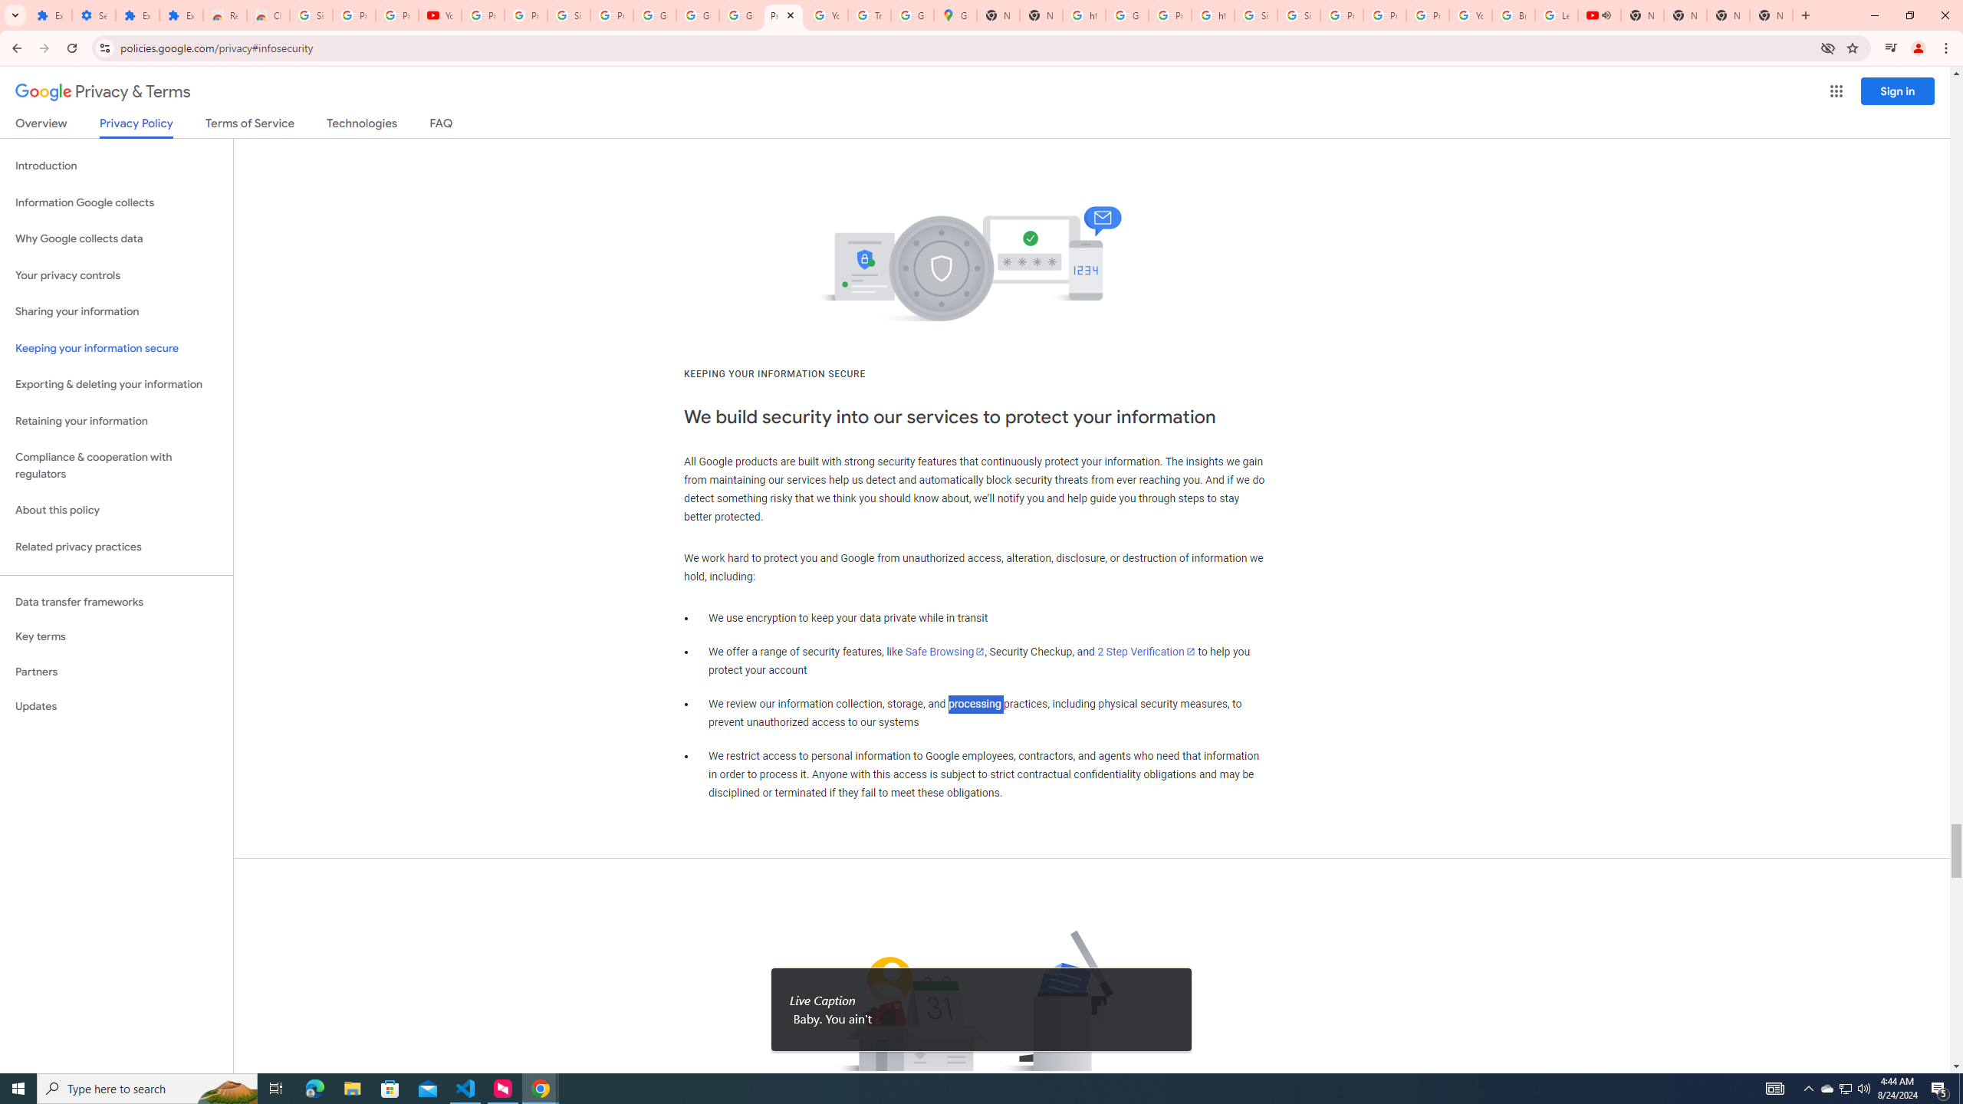 The image size is (1963, 1104). I want to click on 'New Tab', so click(1728, 15).